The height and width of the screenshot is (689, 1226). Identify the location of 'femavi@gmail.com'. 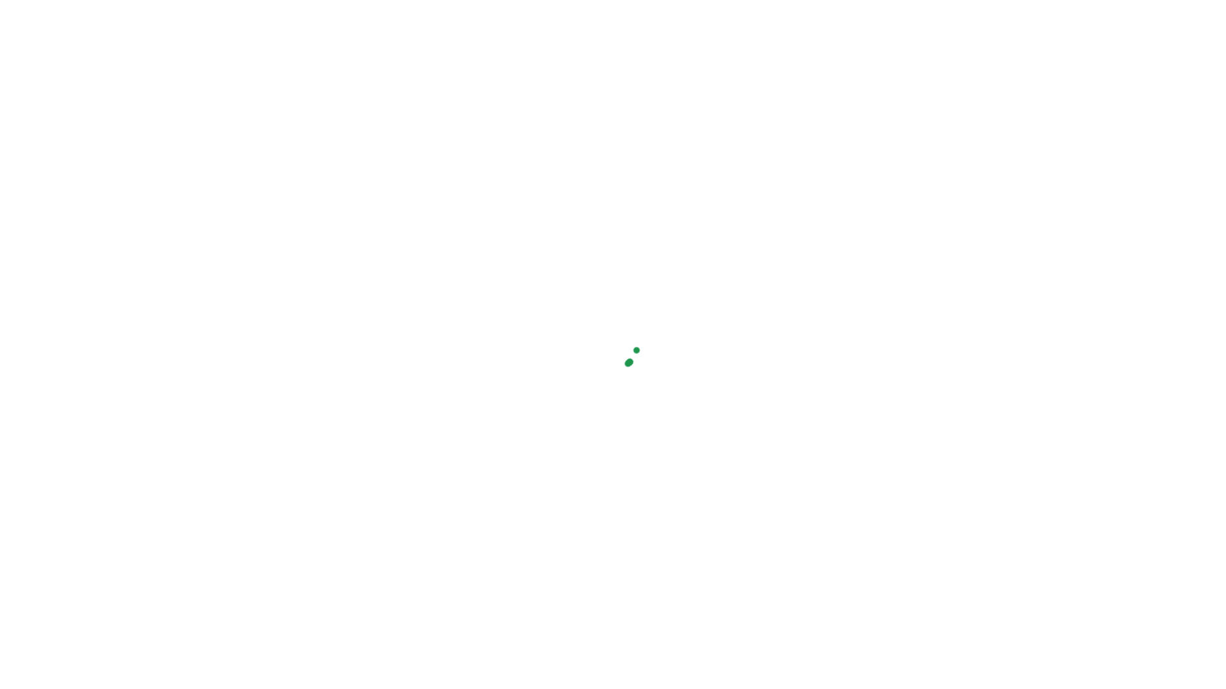
(217, 514).